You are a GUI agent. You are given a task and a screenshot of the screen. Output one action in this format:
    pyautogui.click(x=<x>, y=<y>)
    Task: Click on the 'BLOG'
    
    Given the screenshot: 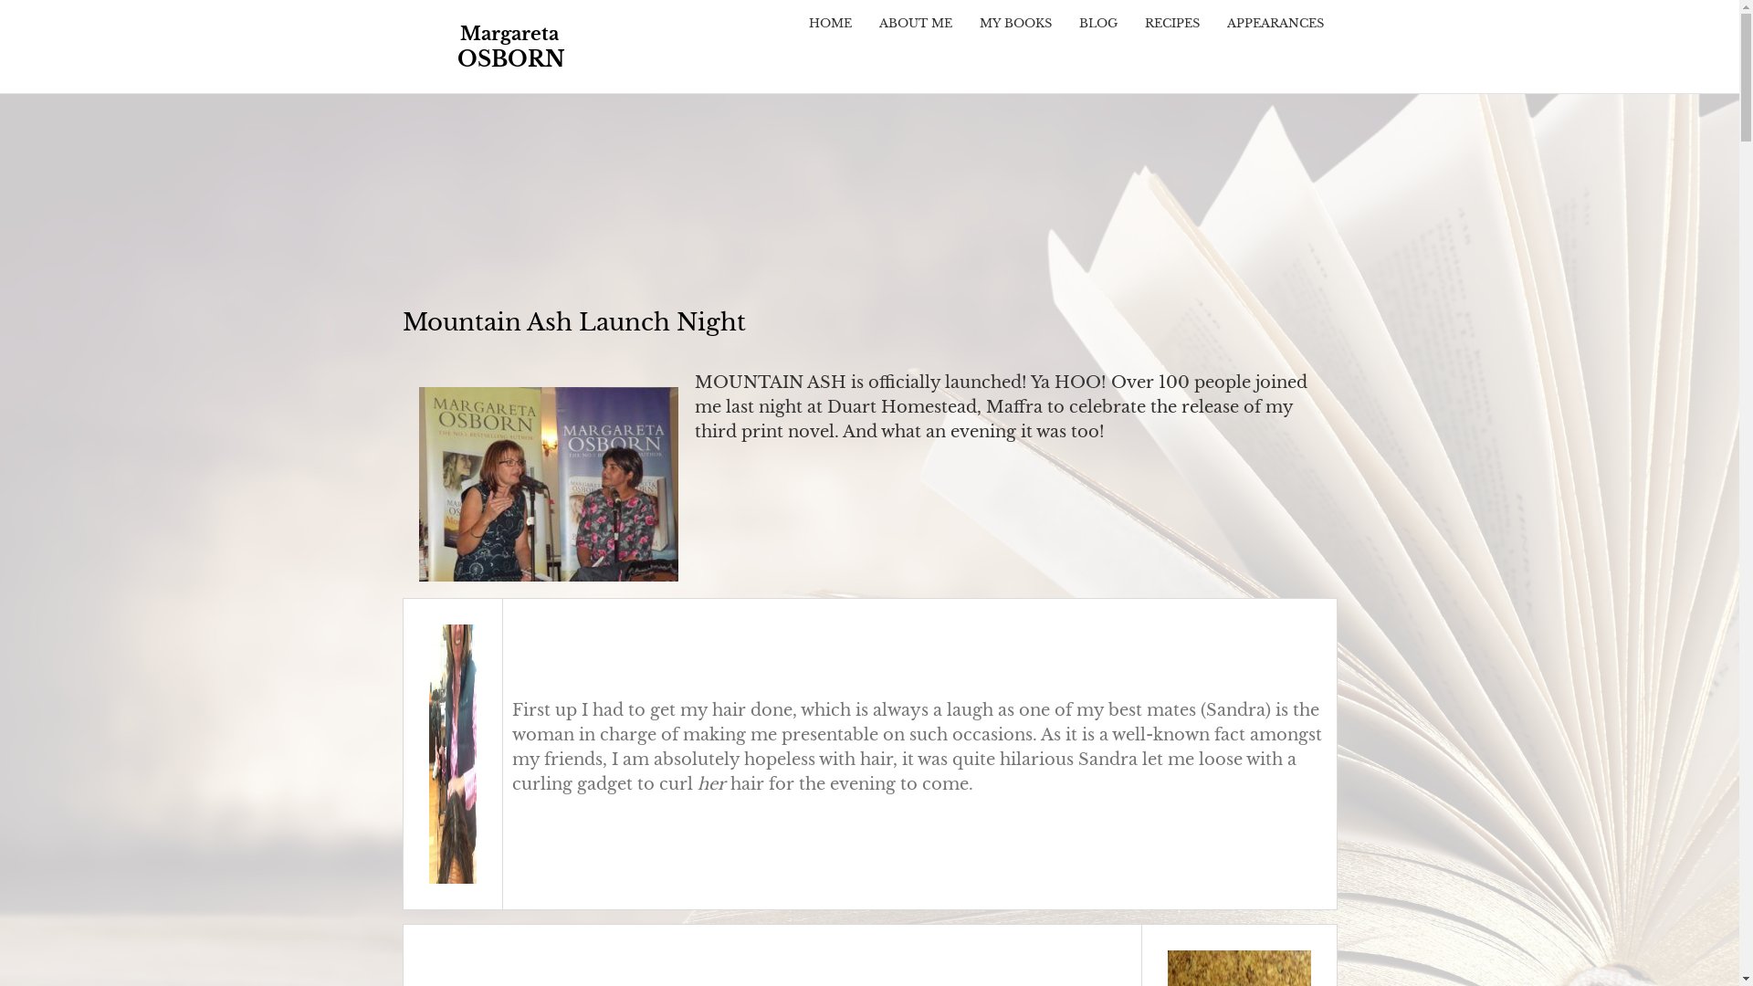 What is the action you would take?
    pyautogui.click(x=1065, y=23)
    